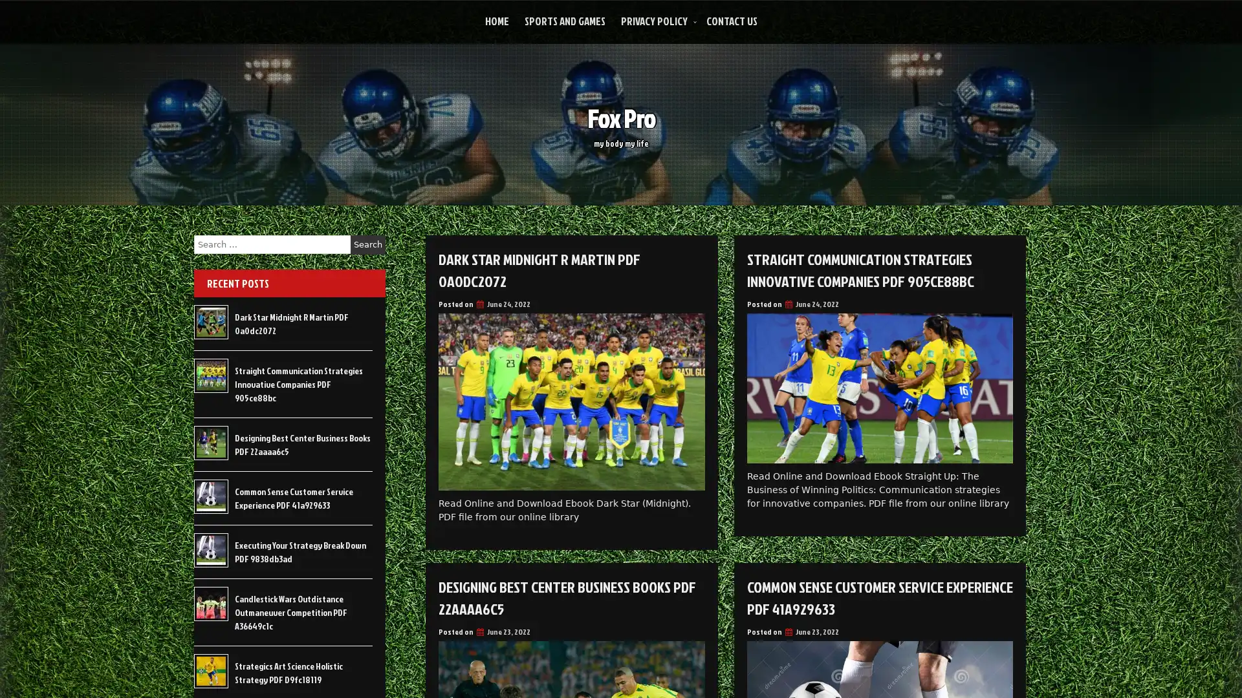 Image resolution: width=1242 pixels, height=698 pixels. What do you see at coordinates (367, 244) in the screenshot?
I see `Search` at bounding box center [367, 244].